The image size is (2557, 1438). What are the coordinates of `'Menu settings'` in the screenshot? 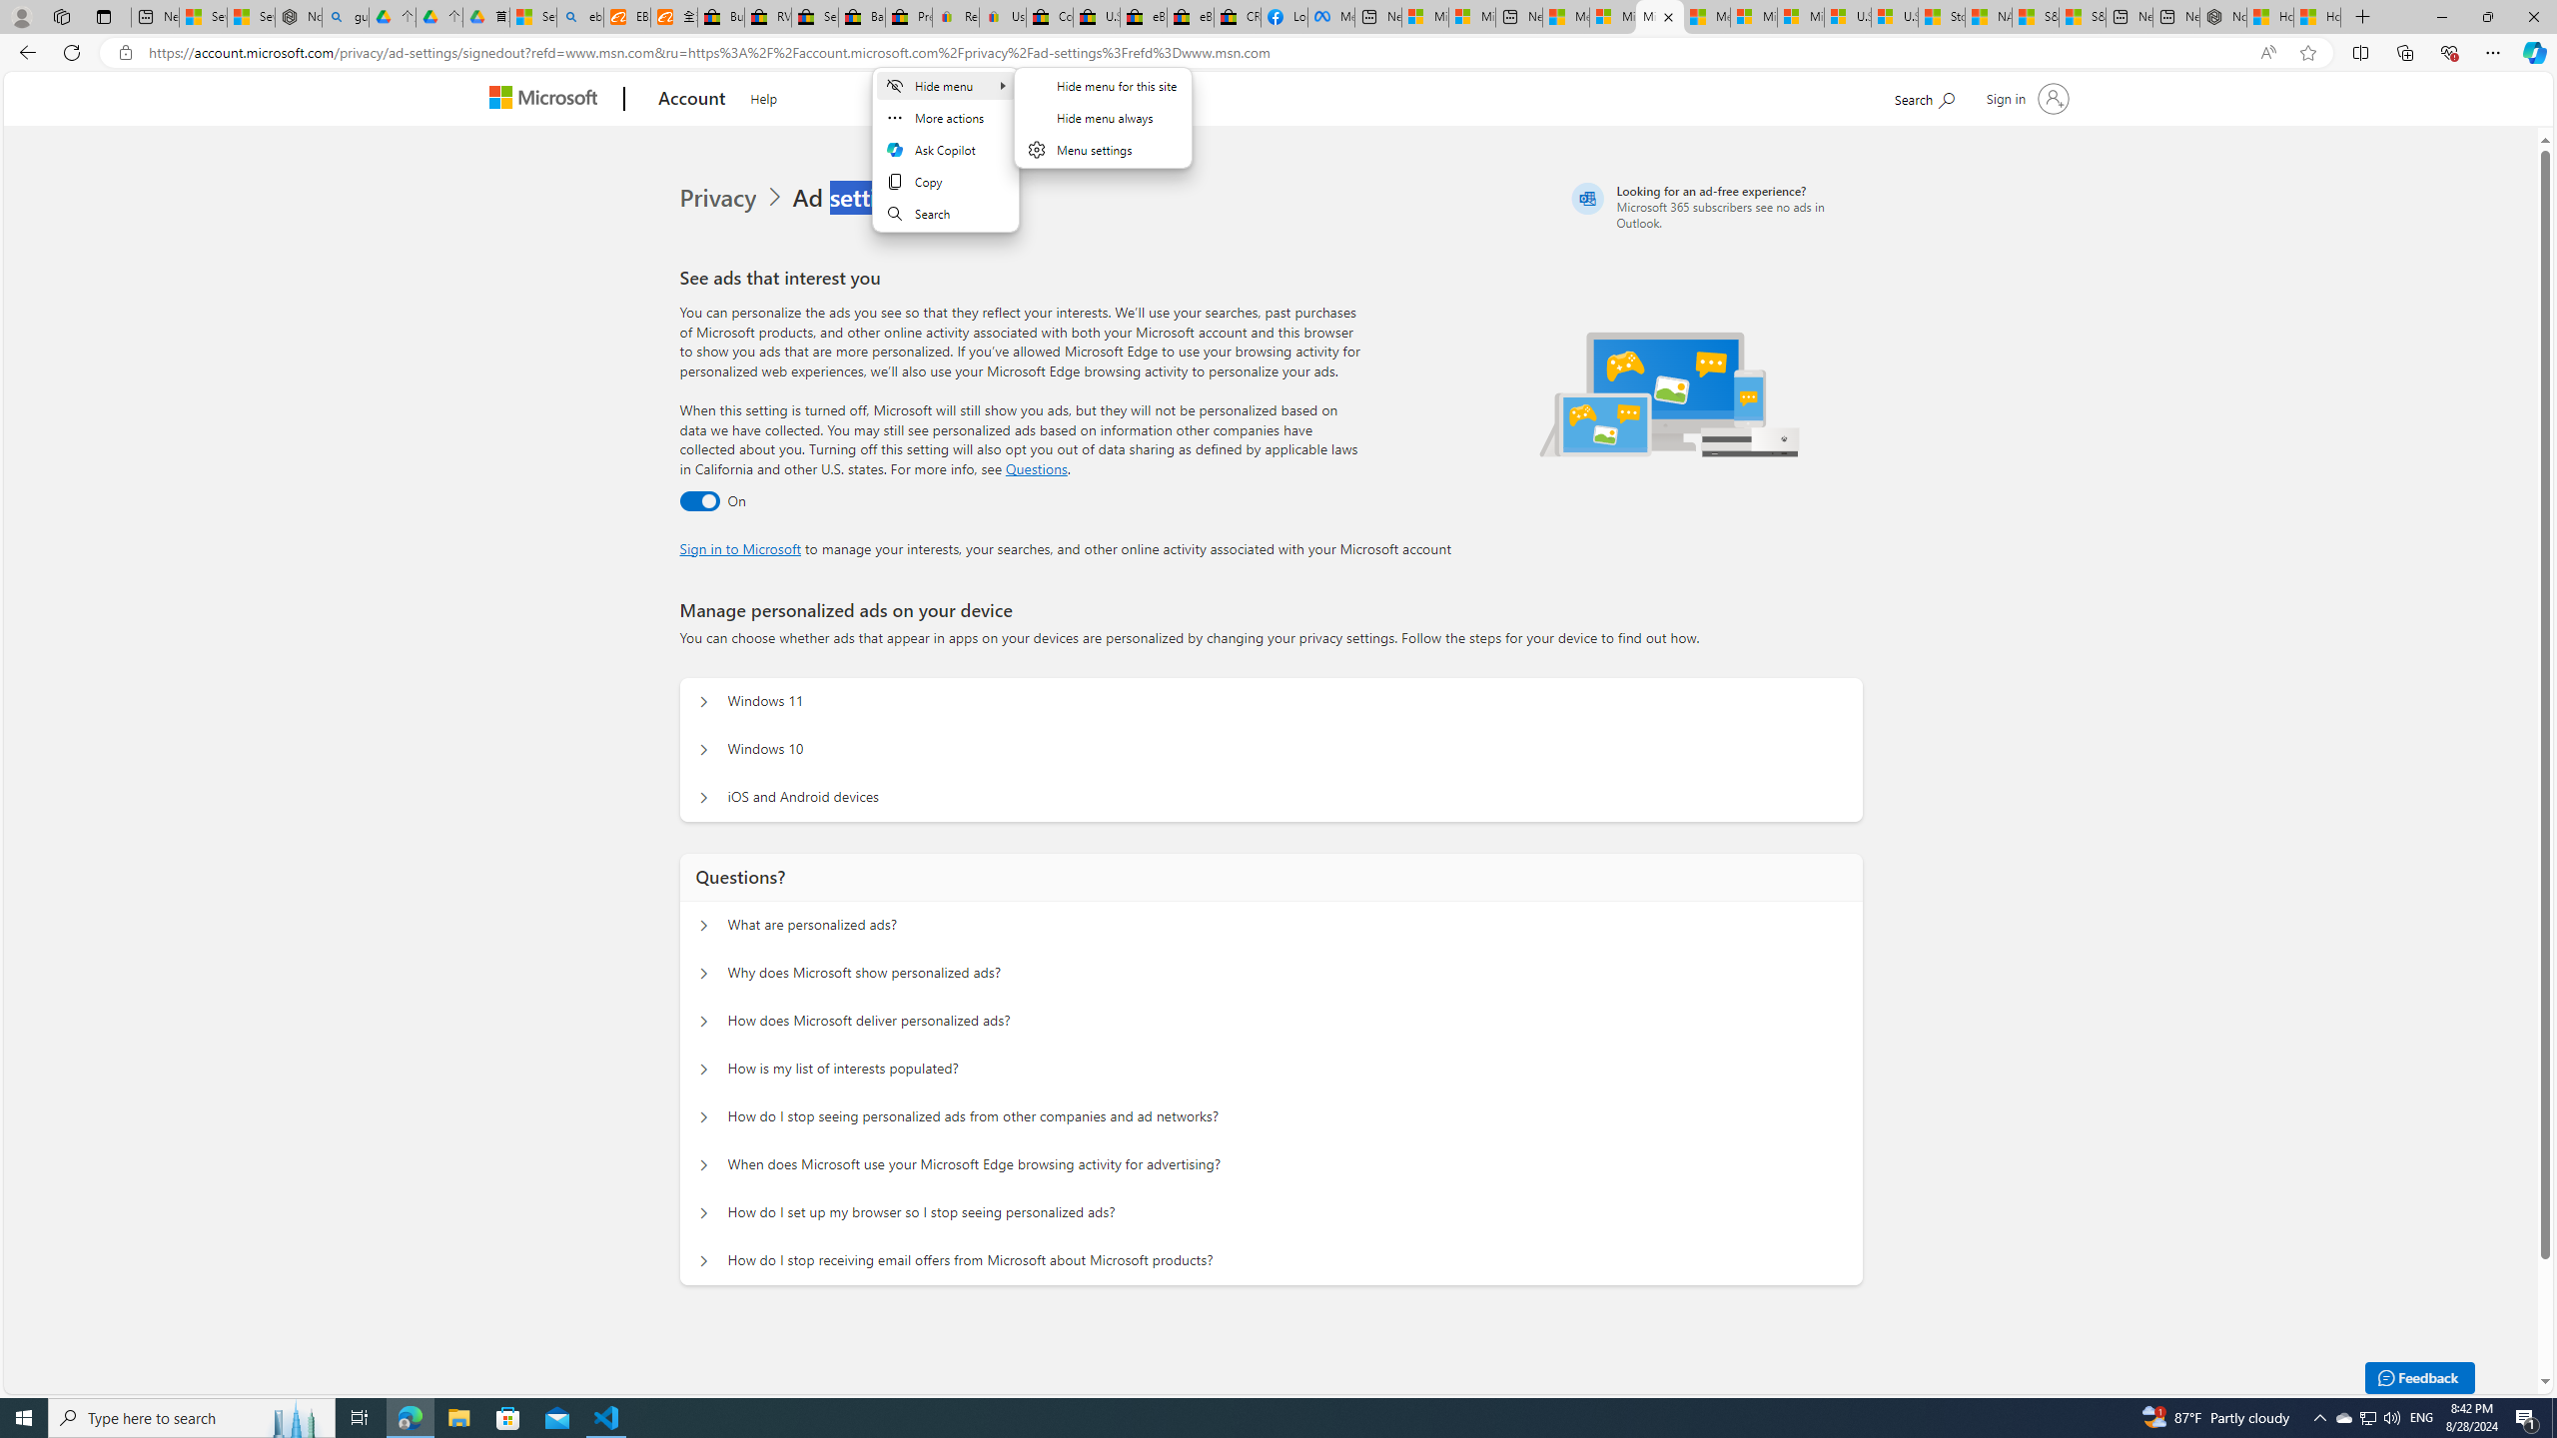 It's located at (1103, 149).